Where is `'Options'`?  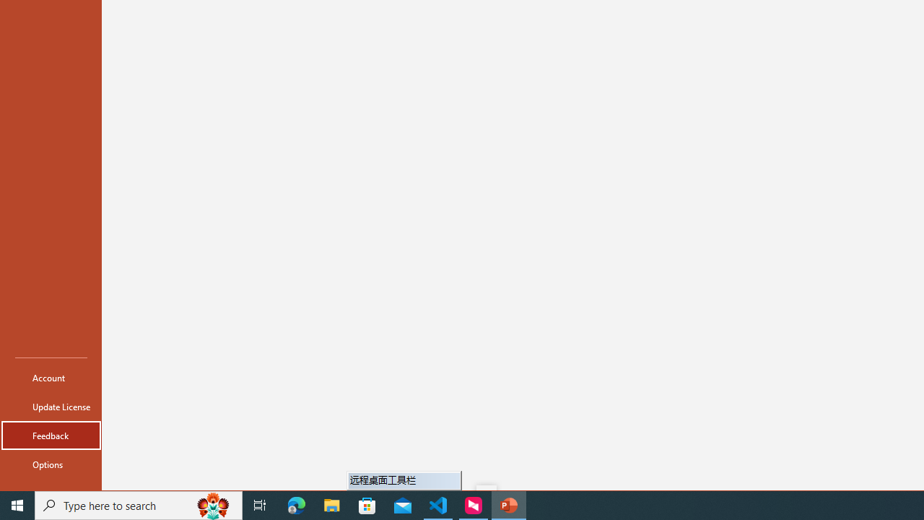
'Options' is located at coordinates (51, 464).